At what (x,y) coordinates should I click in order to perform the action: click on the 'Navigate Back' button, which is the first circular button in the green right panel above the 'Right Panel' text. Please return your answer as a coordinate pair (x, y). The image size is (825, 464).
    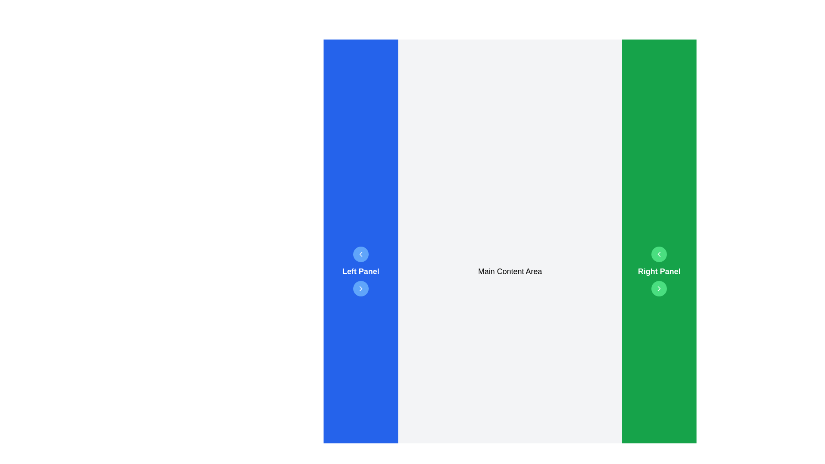
    Looking at the image, I should click on (659, 253).